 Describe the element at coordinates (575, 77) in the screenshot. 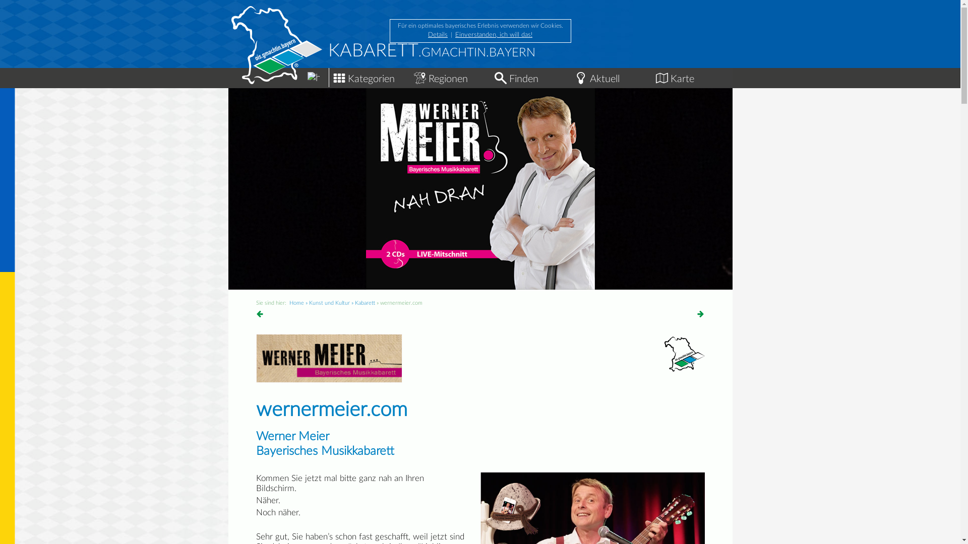

I see `'Aktuelle Events im Freistaat'` at that location.